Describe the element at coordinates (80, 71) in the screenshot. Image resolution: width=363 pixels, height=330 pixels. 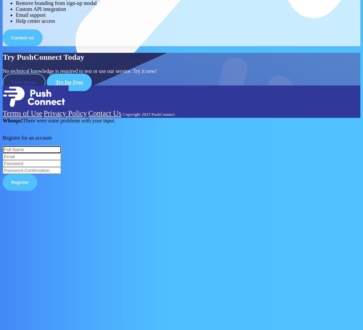
I see `'No technical knowledge is required to test or use our service. Try it now!'` at that location.